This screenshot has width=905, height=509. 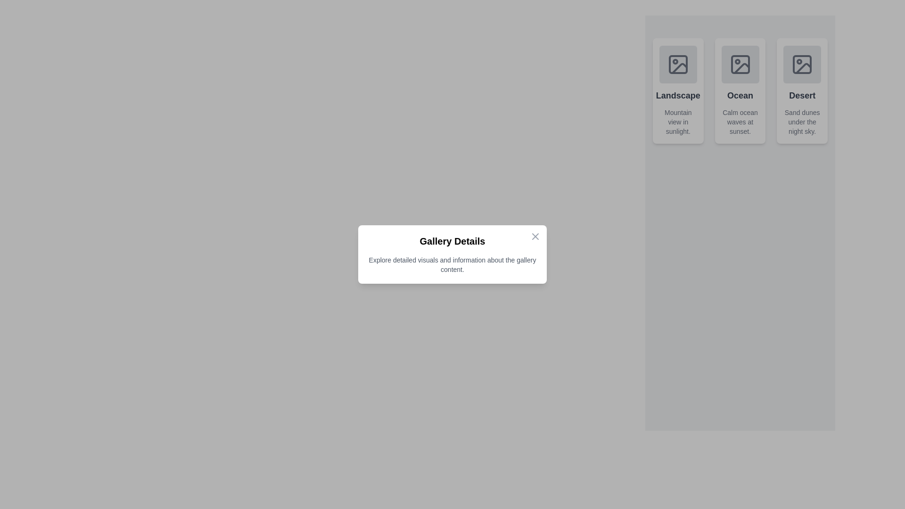 What do you see at coordinates (677, 90) in the screenshot?
I see `the static information card element with the title 'Landscape' and the caption 'Mountain view in sunlight.'` at bounding box center [677, 90].